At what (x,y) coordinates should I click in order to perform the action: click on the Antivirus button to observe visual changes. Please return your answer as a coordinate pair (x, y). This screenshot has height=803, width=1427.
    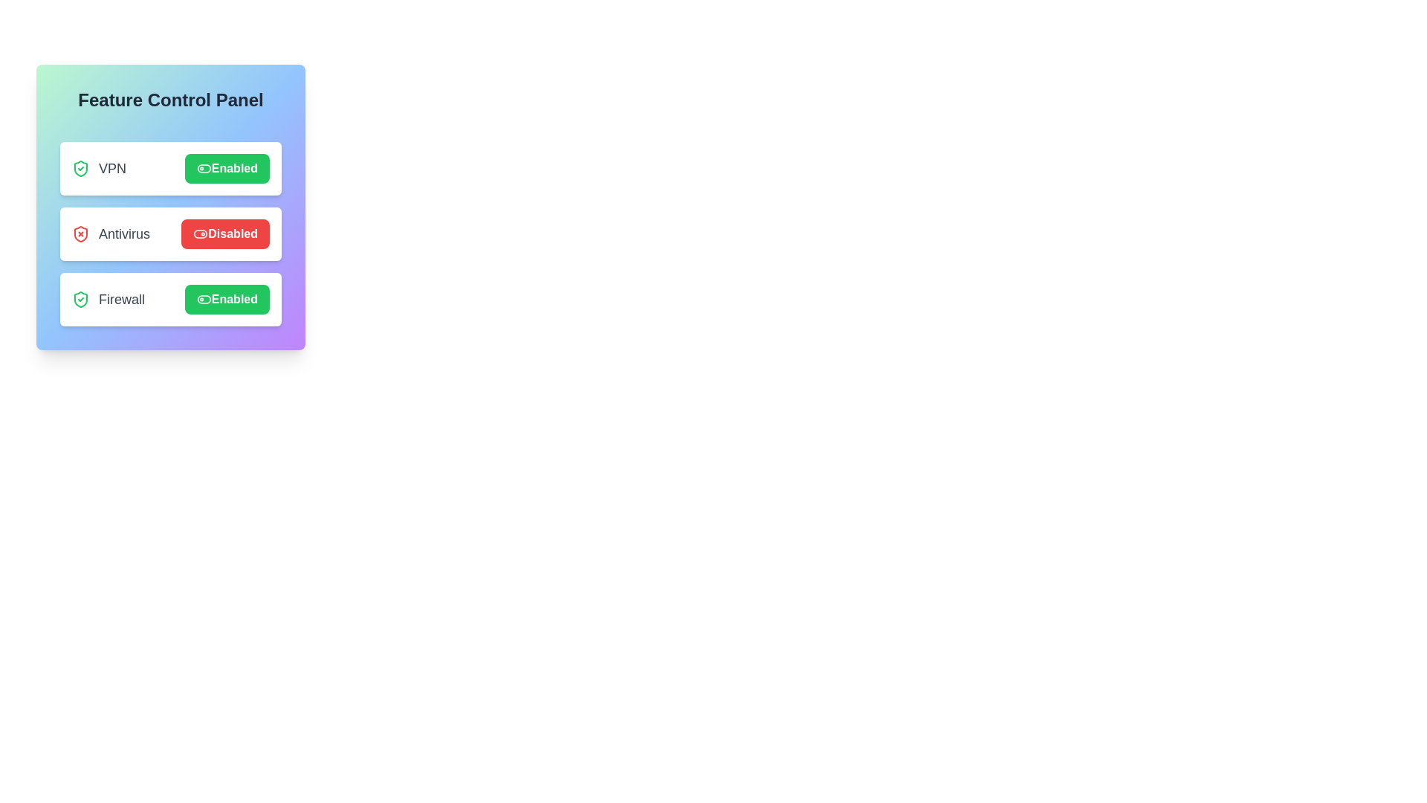
    Looking at the image, I should click on (224, 234).